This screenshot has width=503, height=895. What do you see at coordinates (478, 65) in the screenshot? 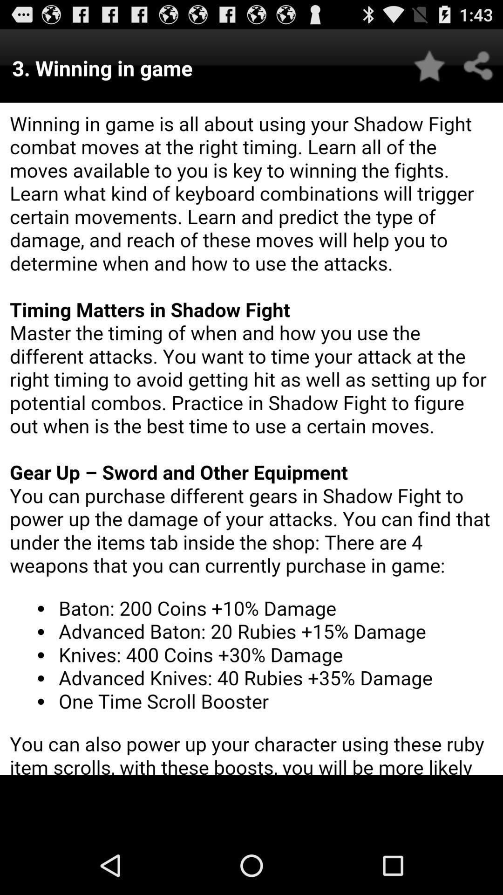
I see `share the article` at bounding box center [478, 65].